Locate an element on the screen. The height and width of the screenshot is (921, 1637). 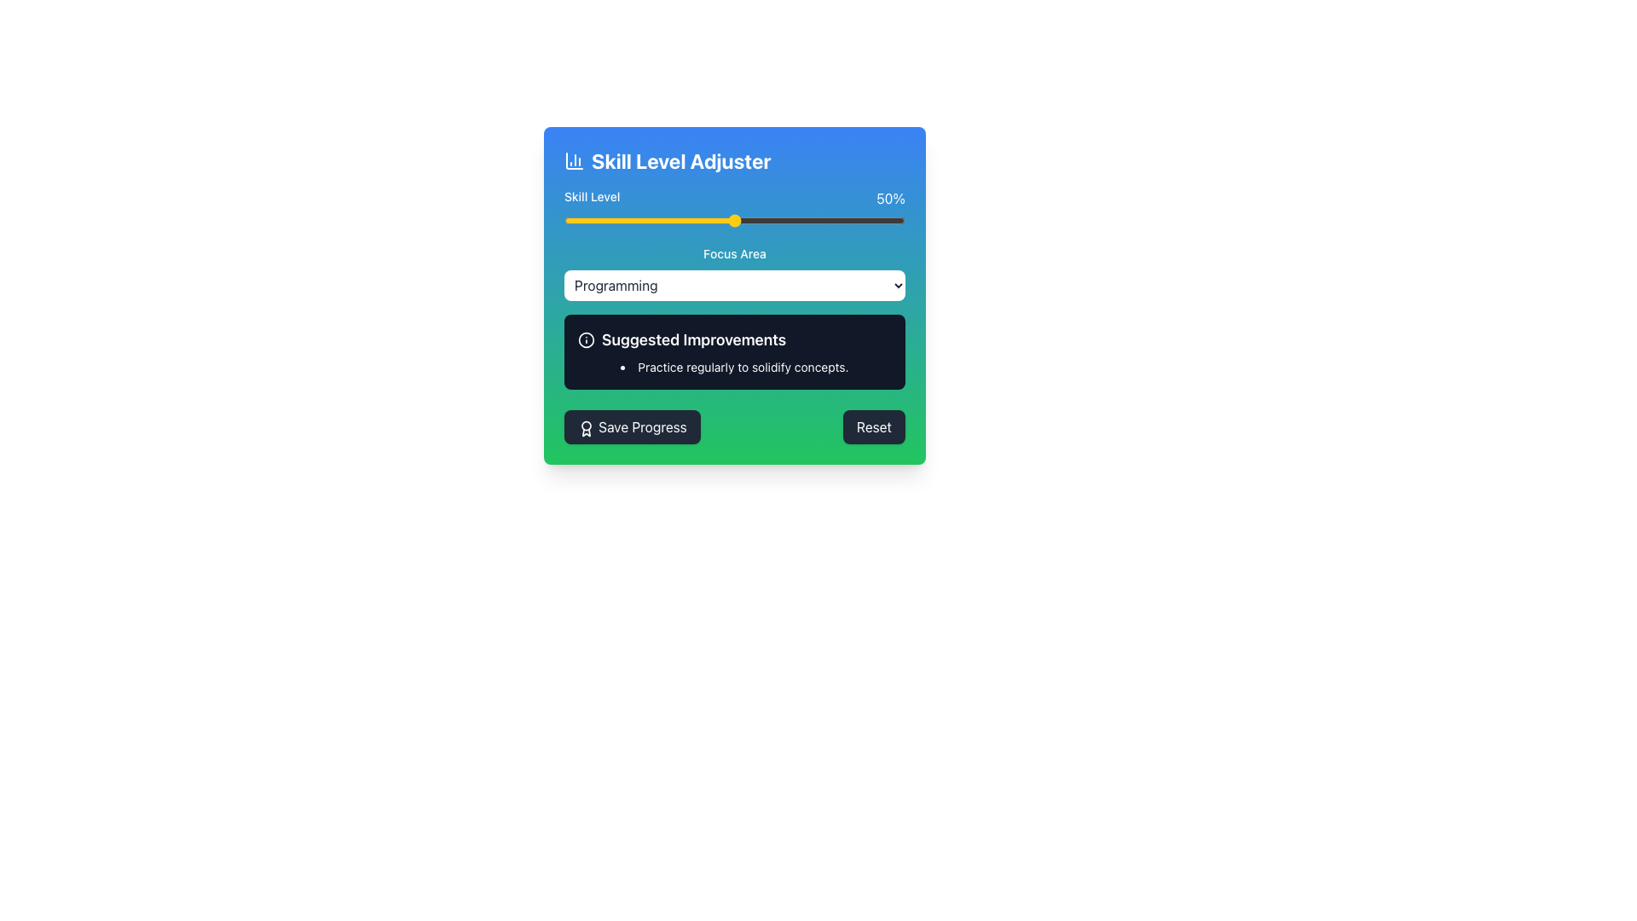
the Decorative Circle in the SVG icon that is located near the top-left area of the interface, adjacent to the text 'Skill Level Adjuster' is located at coordinates (586, 424).